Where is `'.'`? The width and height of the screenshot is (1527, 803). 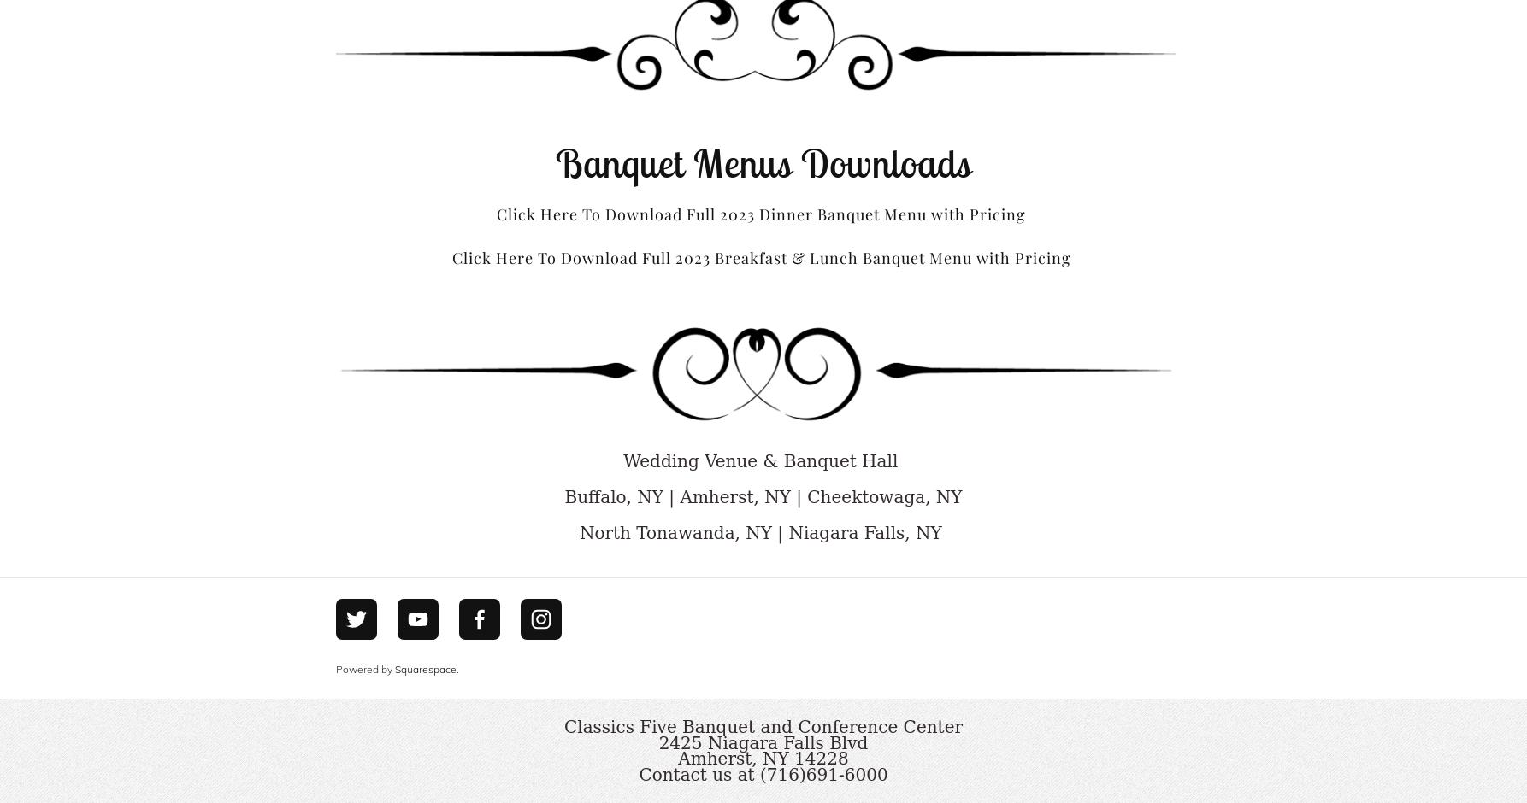 '.' is located at coordinates (457, 667).